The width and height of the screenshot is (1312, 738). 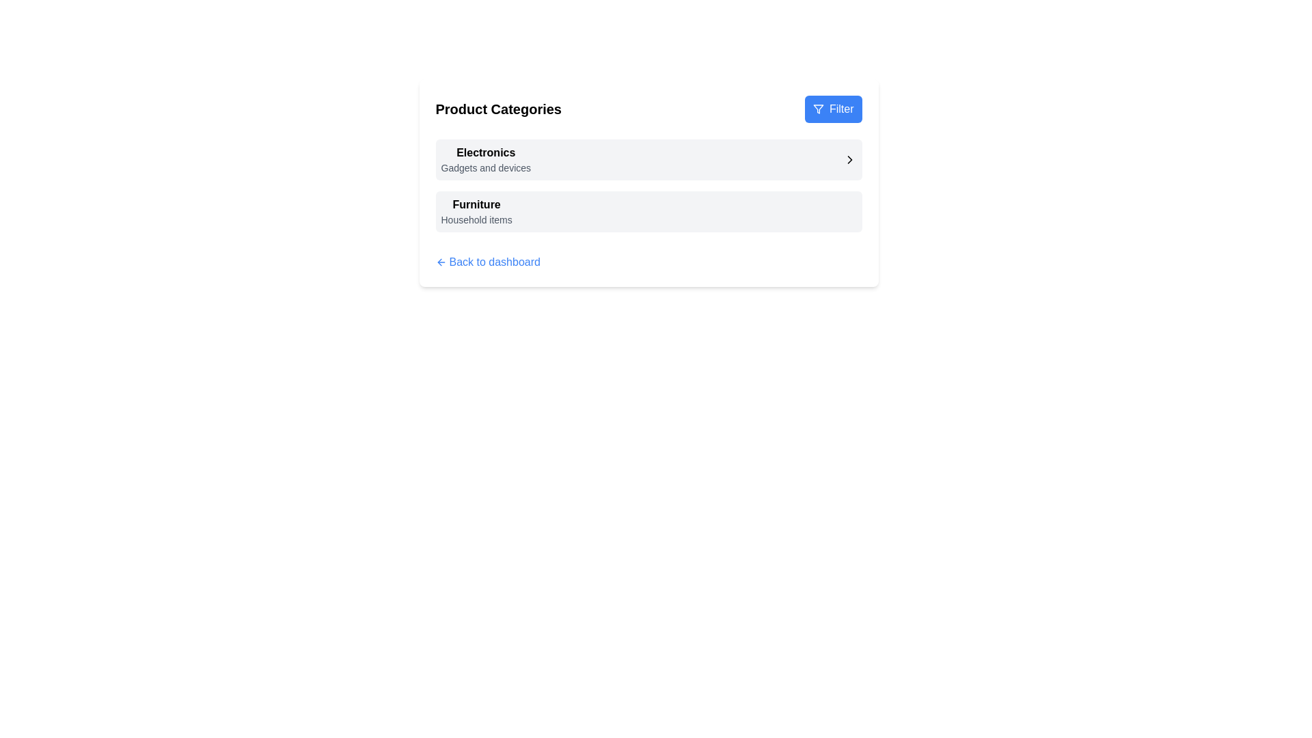 What do you see at coordinates (486, 152) in the screenshot?
I see `the bold text label displaying 'Electronics', which is positioned above the smaller gray text 'Gadgets and devices' in the list interface` at bounding box center [486, 152].